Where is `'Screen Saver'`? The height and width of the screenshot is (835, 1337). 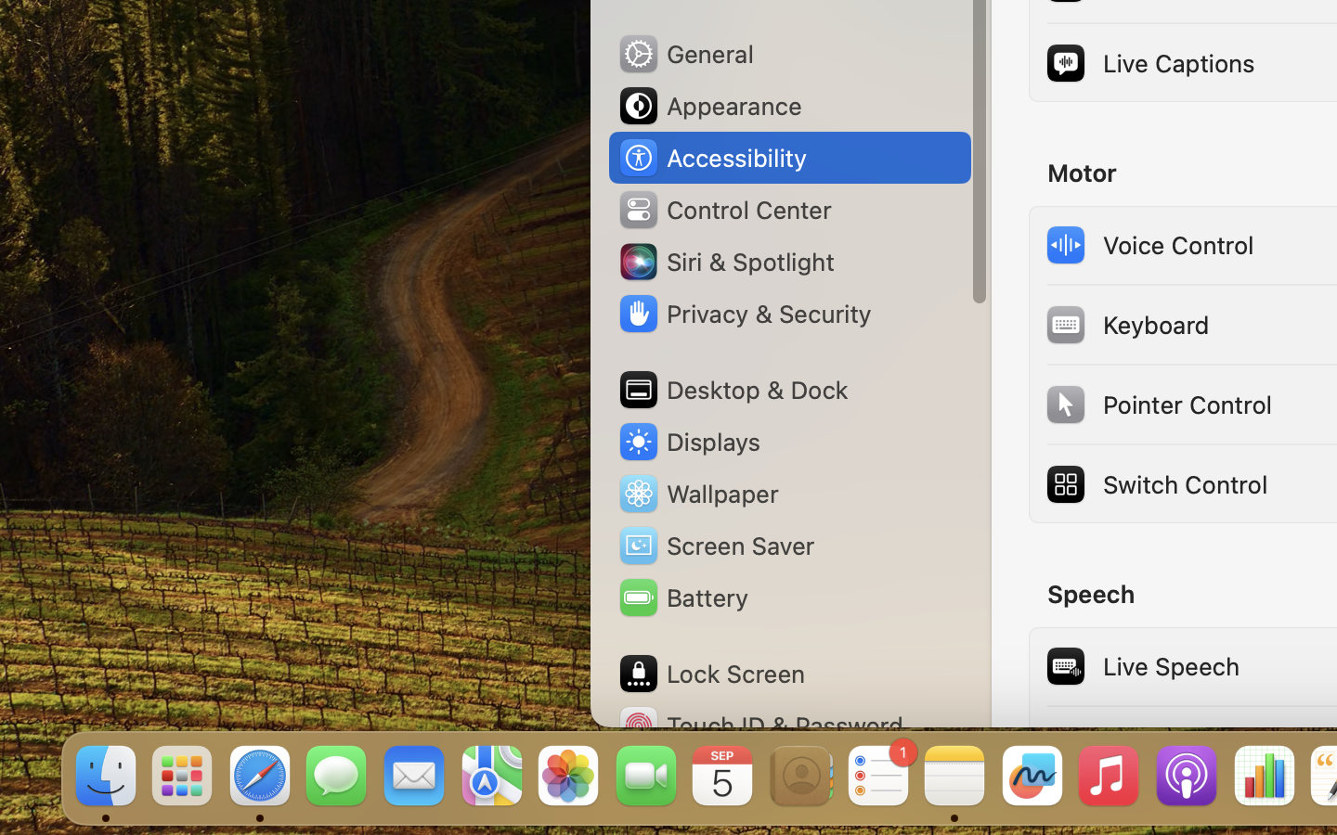
'Screen Saver' is located at coordinates (714, 545).